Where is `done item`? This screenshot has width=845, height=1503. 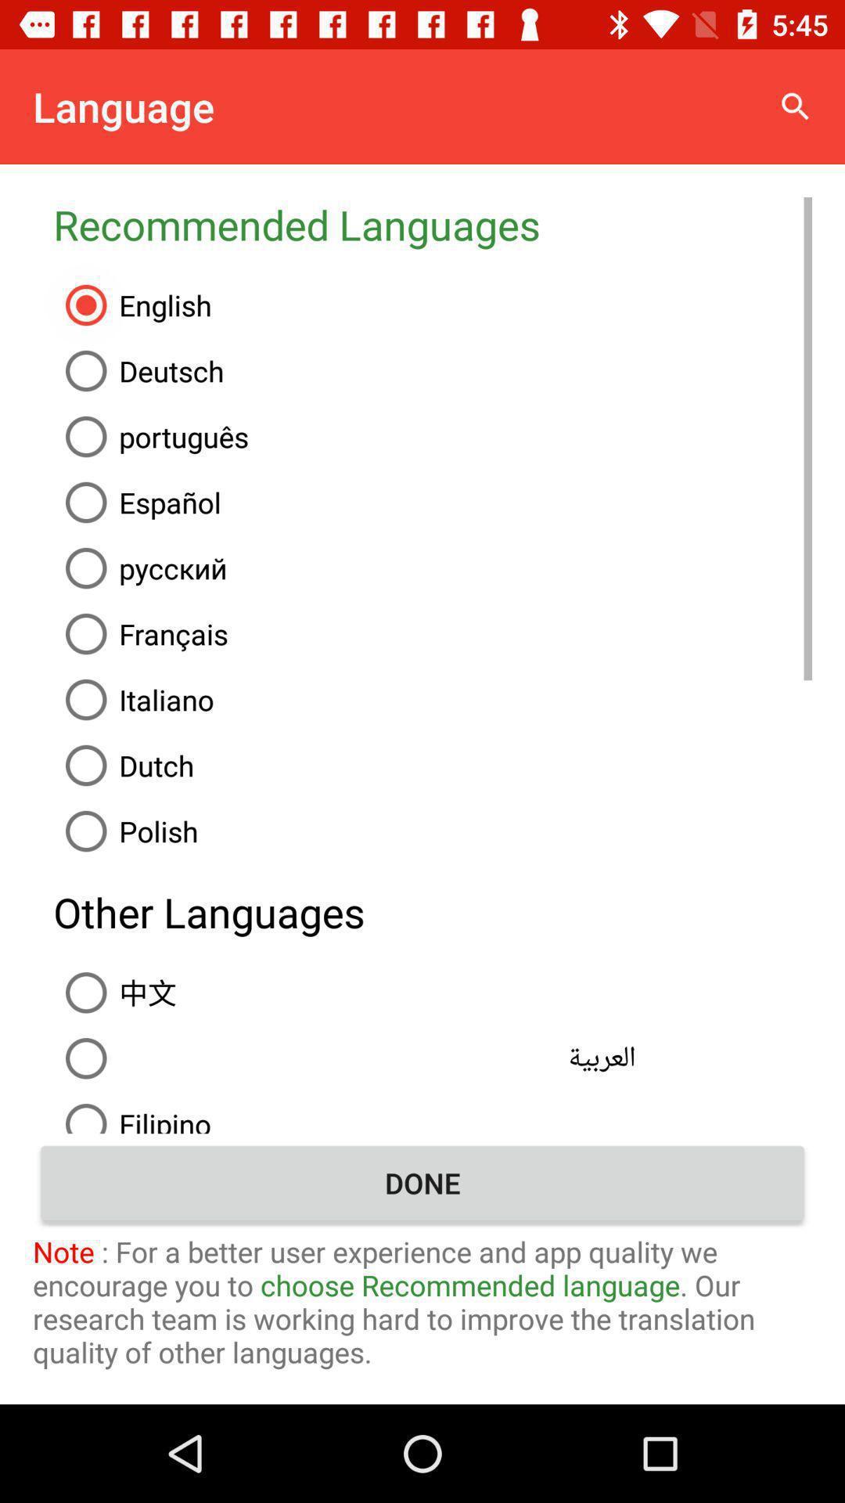 done item is located at coordinates (422, 1183).